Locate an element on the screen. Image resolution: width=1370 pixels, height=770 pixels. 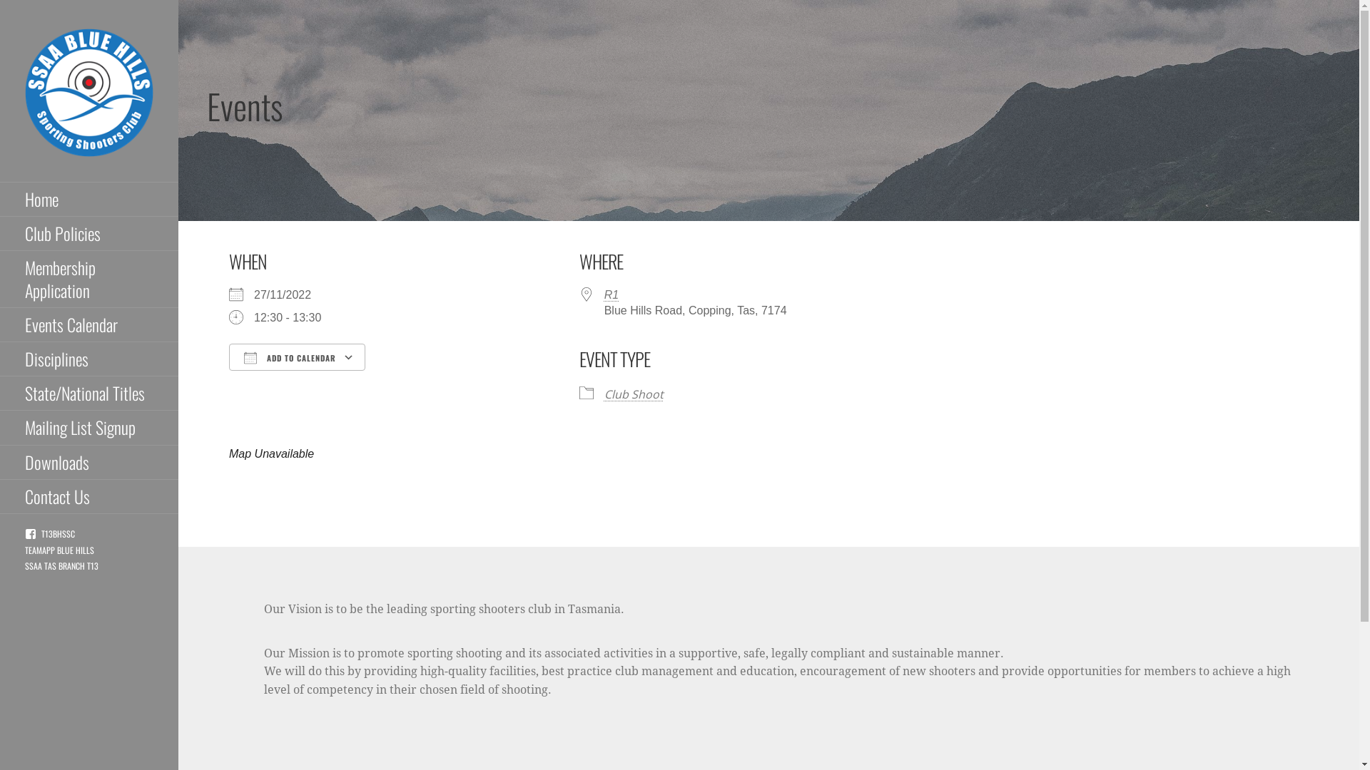
'T13BHSSC' is located at coordinates (50, 533).